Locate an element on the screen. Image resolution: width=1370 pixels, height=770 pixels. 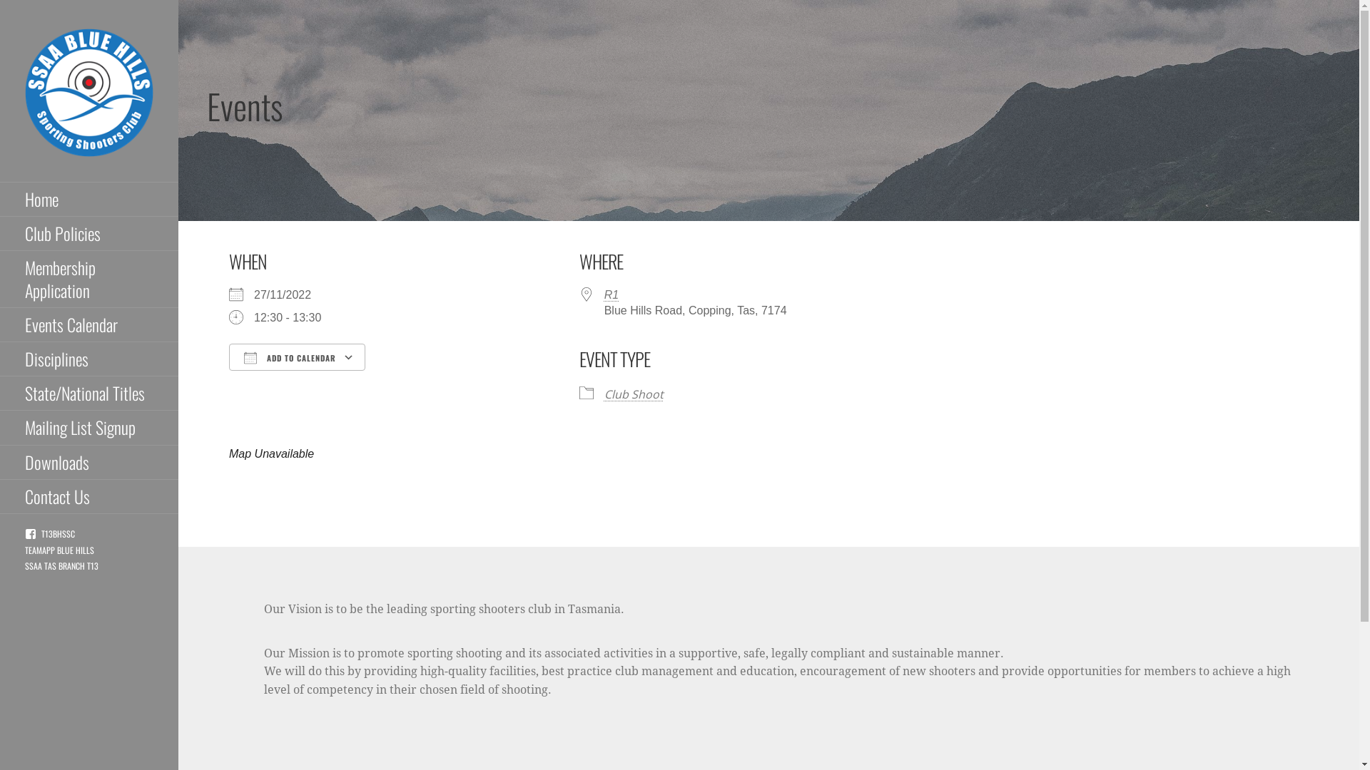
'T13BHSSC' is located at coordinates (50, 533).